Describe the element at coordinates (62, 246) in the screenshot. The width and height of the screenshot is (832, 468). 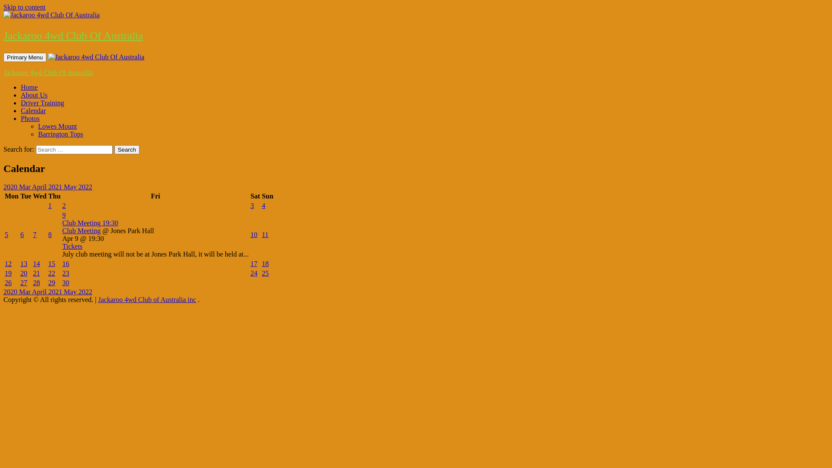
I see `'Tickets'` at that location.